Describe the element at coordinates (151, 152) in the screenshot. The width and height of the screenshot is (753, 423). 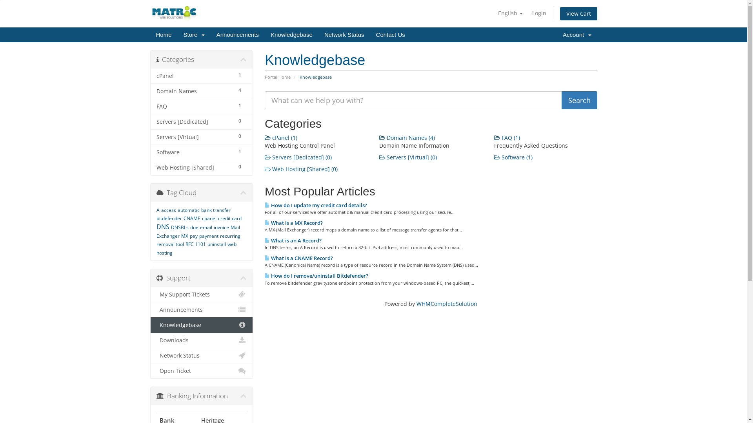
I see `'1` at that location.